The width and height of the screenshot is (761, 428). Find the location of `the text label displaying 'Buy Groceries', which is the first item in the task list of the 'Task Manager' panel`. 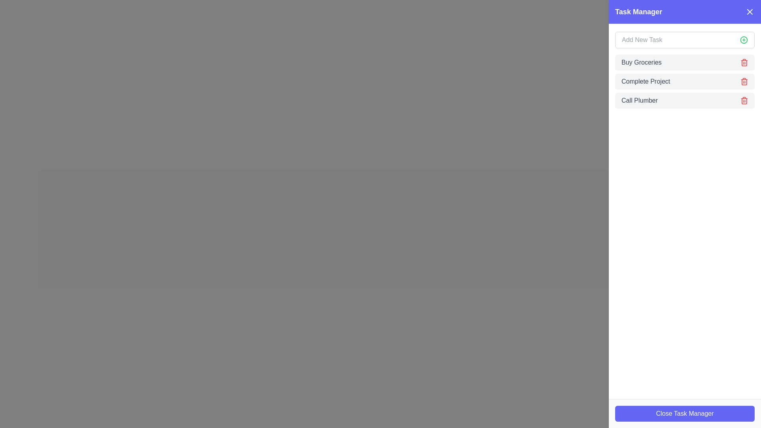

the text label displaying 'Buy Groceries', which is the first item in the task list of the 'Task Manager' panel is located at coordinates (641, 62).